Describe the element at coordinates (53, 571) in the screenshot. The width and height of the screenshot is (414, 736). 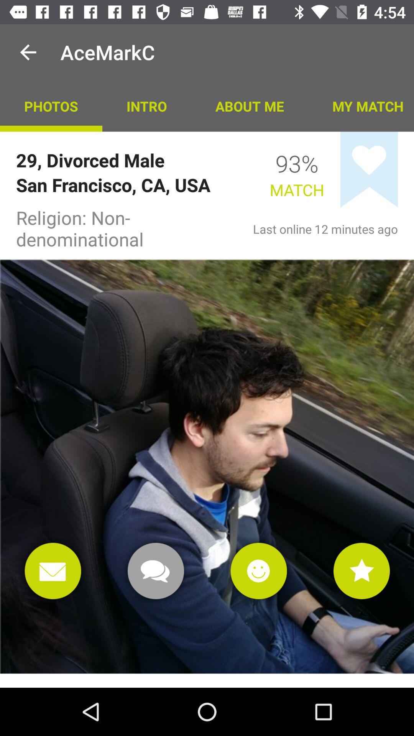
I see `open box to write message or check email` at that location.